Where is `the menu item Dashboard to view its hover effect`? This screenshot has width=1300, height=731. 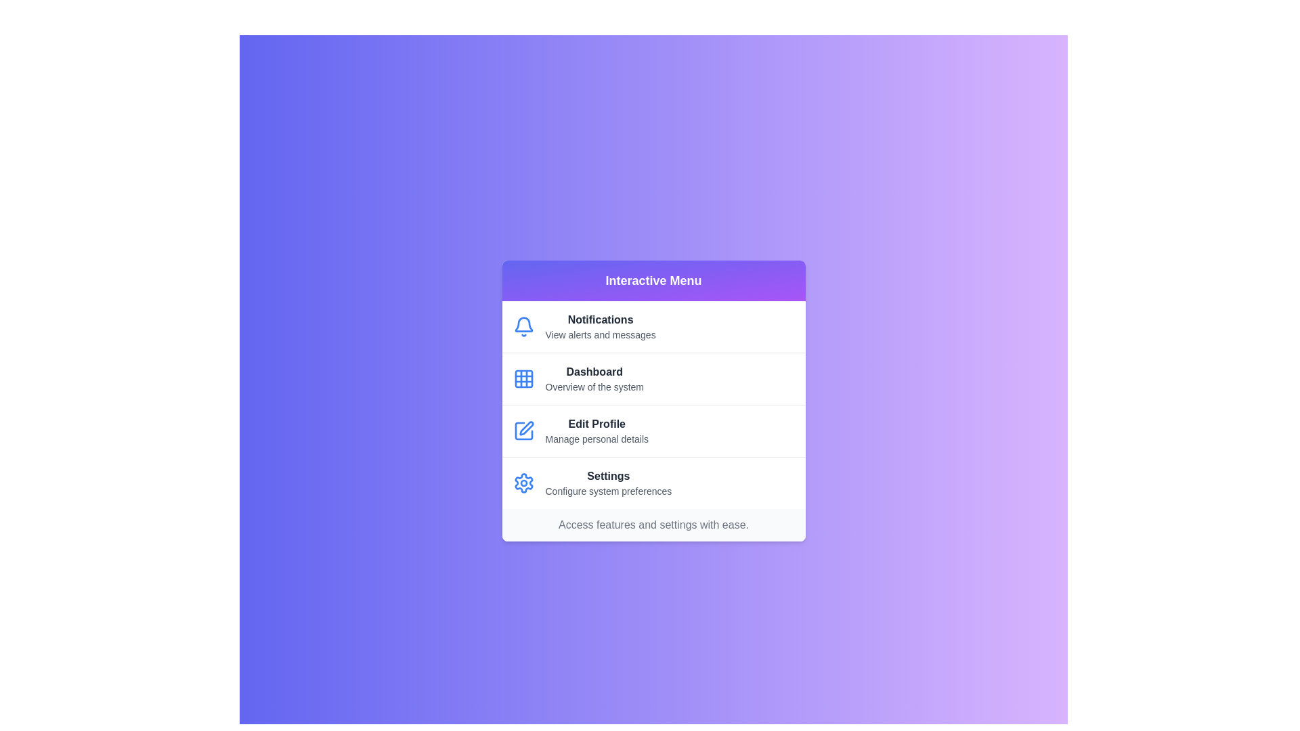
the menu item Dashboard to view its hover effect is located at coordinates (653, 378).